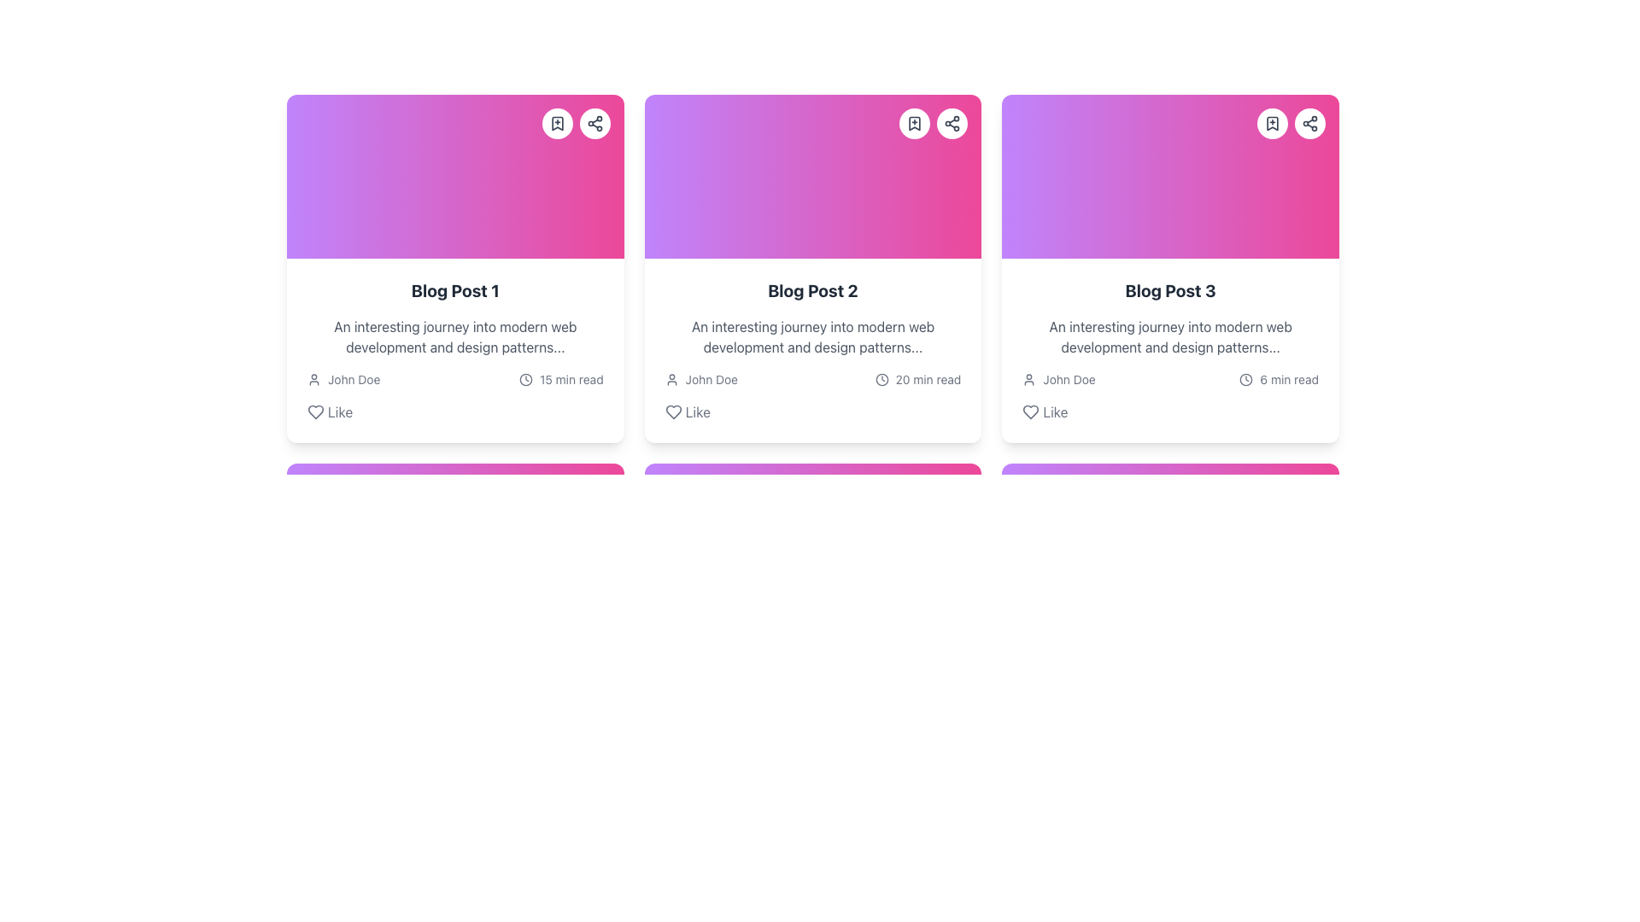 The width and height of the screenshot is (1640, 922). Describe the element at coordinates (455, 289) in the screenshot. I see `the bold title 'Blog Post 1' displayed in dark gray at the top of the section card` at that location.